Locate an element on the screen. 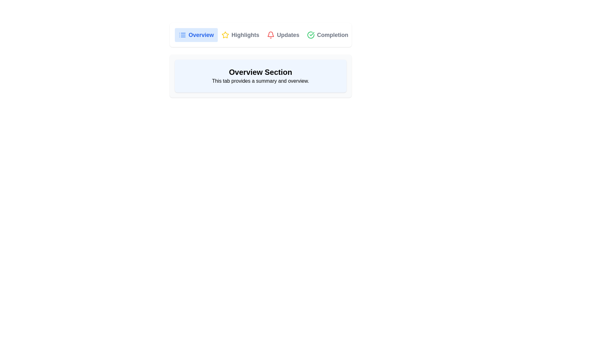 Image resolution: width=606 pixels, height=341 pixels. the 'Completion' tab button, which is the fourth tab in the navigation bar, featuring a green checkmark icon and labeled 'Completion' is located at coordinates (328, 35).